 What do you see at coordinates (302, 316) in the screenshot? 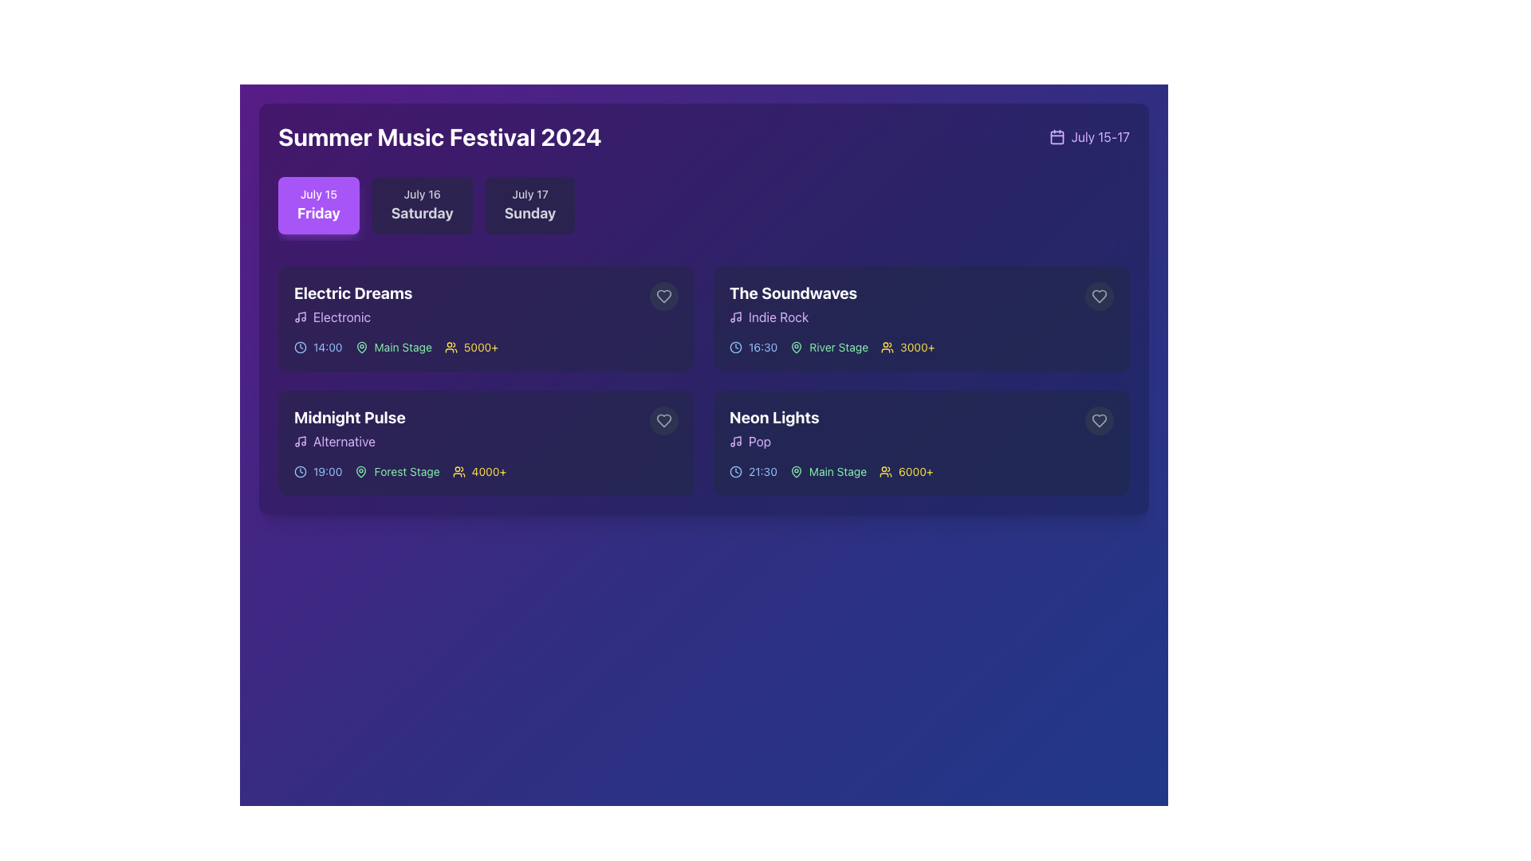
I see `the music genre icon represented as an SVG within the 'Electric Dreams' event card` at bounding box center [302, 316].